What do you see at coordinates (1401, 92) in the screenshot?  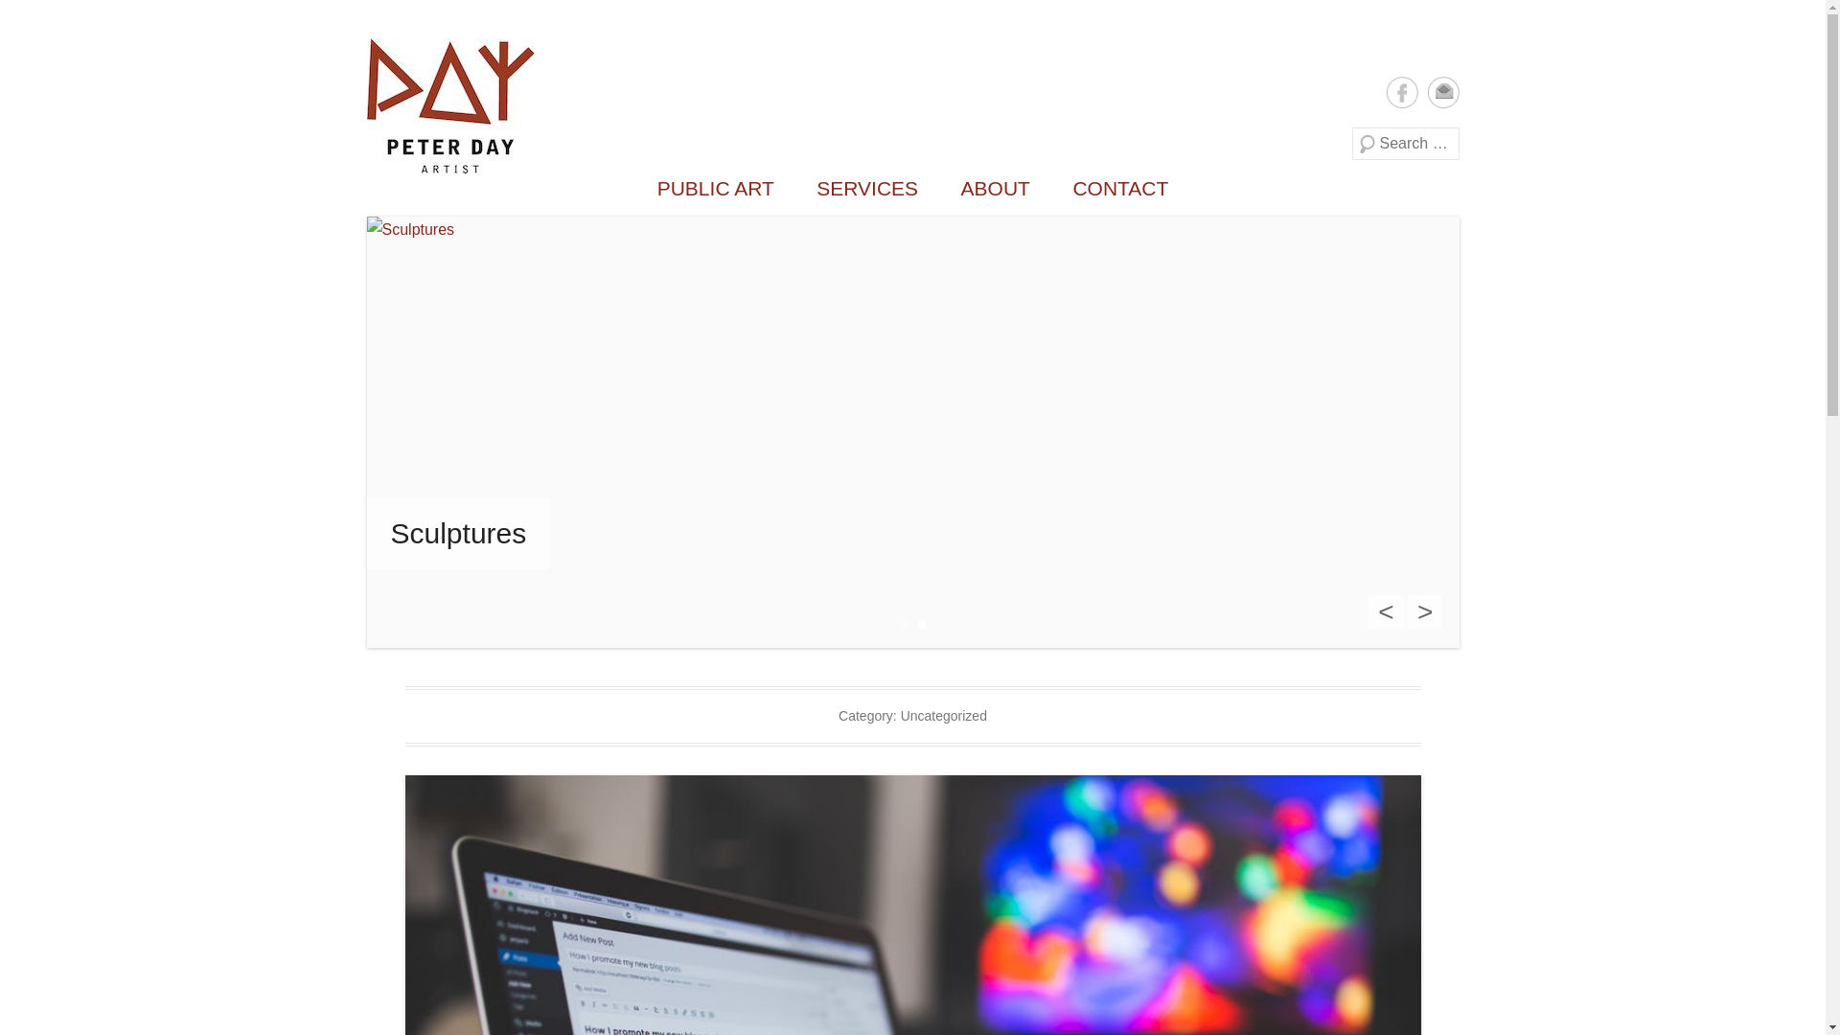 I see `'Facebook'` at bounding box center [1401, 92].